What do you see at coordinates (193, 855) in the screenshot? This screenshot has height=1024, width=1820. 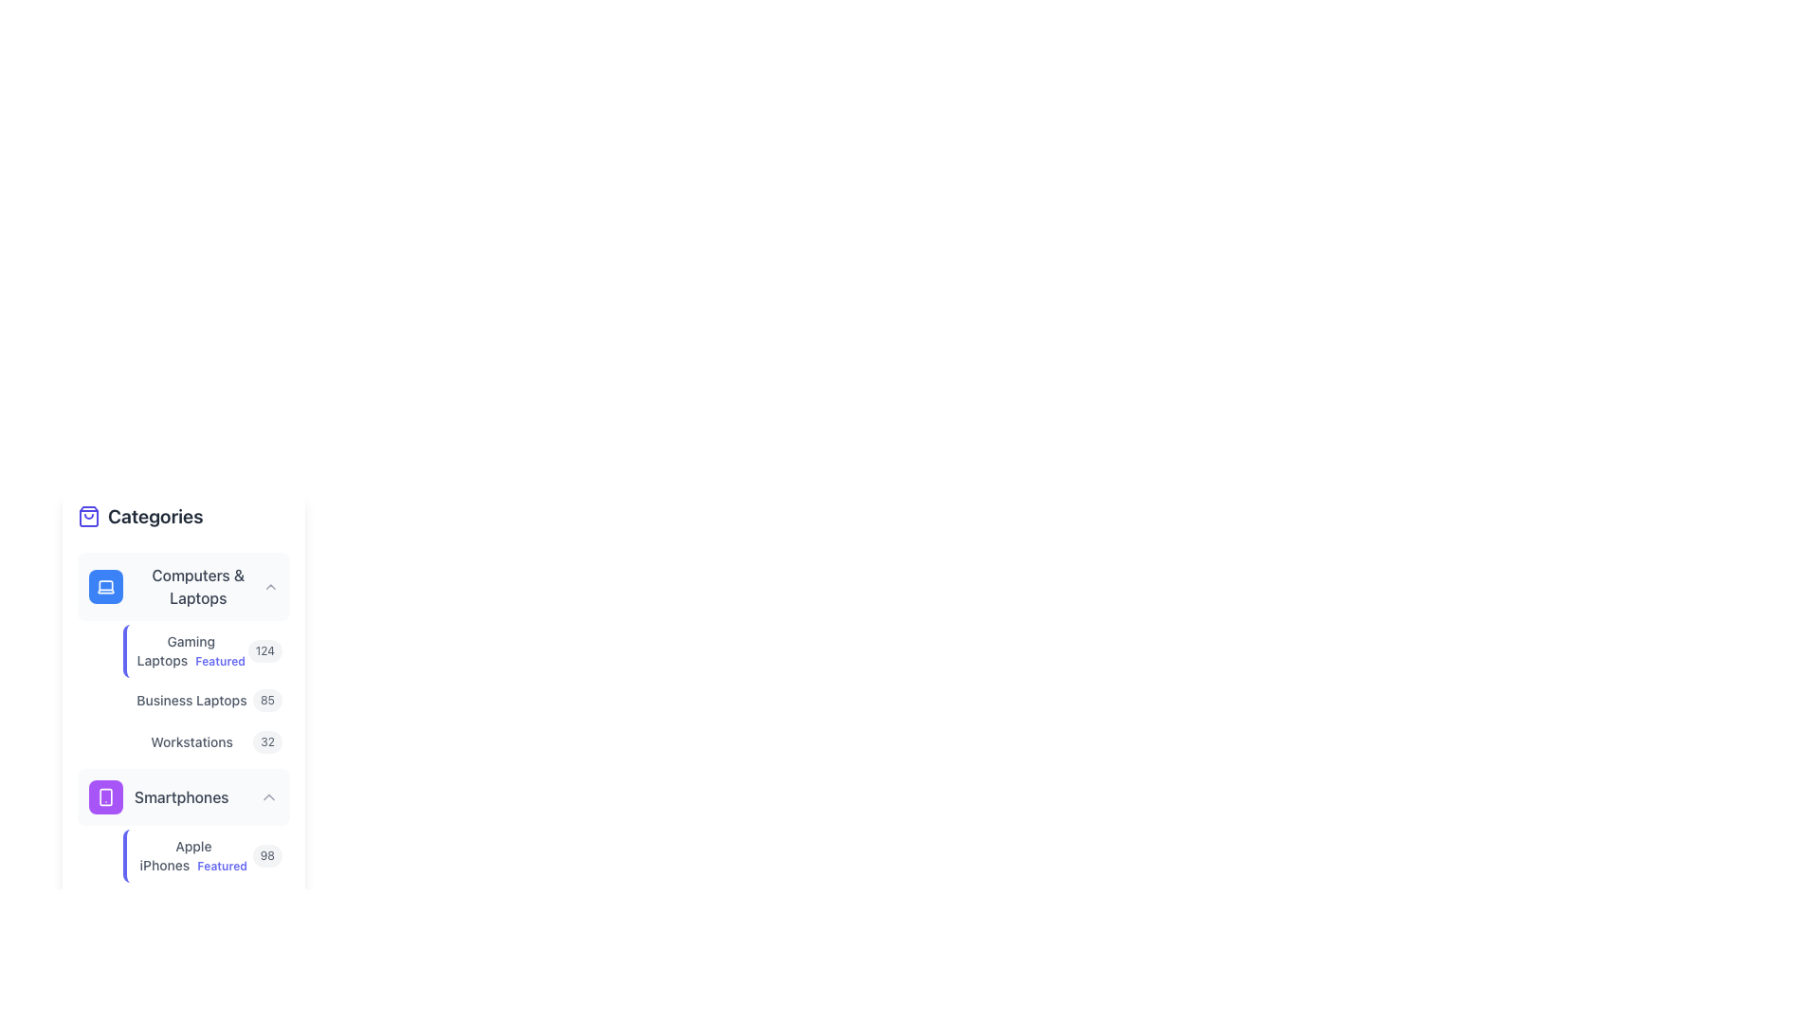 I see `the hyperlink reading 'Apple iPhones Featured'` at bounding box center [193, 855].